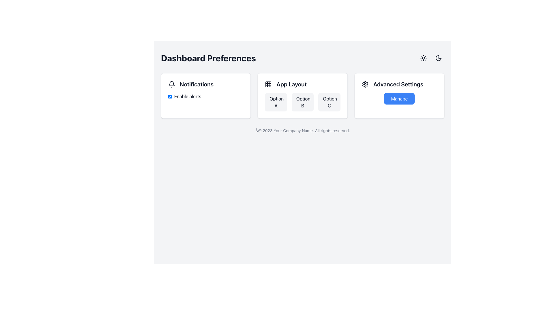 The width and height of the screenshot is (554, 311). What do you see at coordinates (206, 95) in the screenshot?
I see `the Settings module for toggling notifications located under 'Dashboard Preferences'` at bounding box center [206, 95].